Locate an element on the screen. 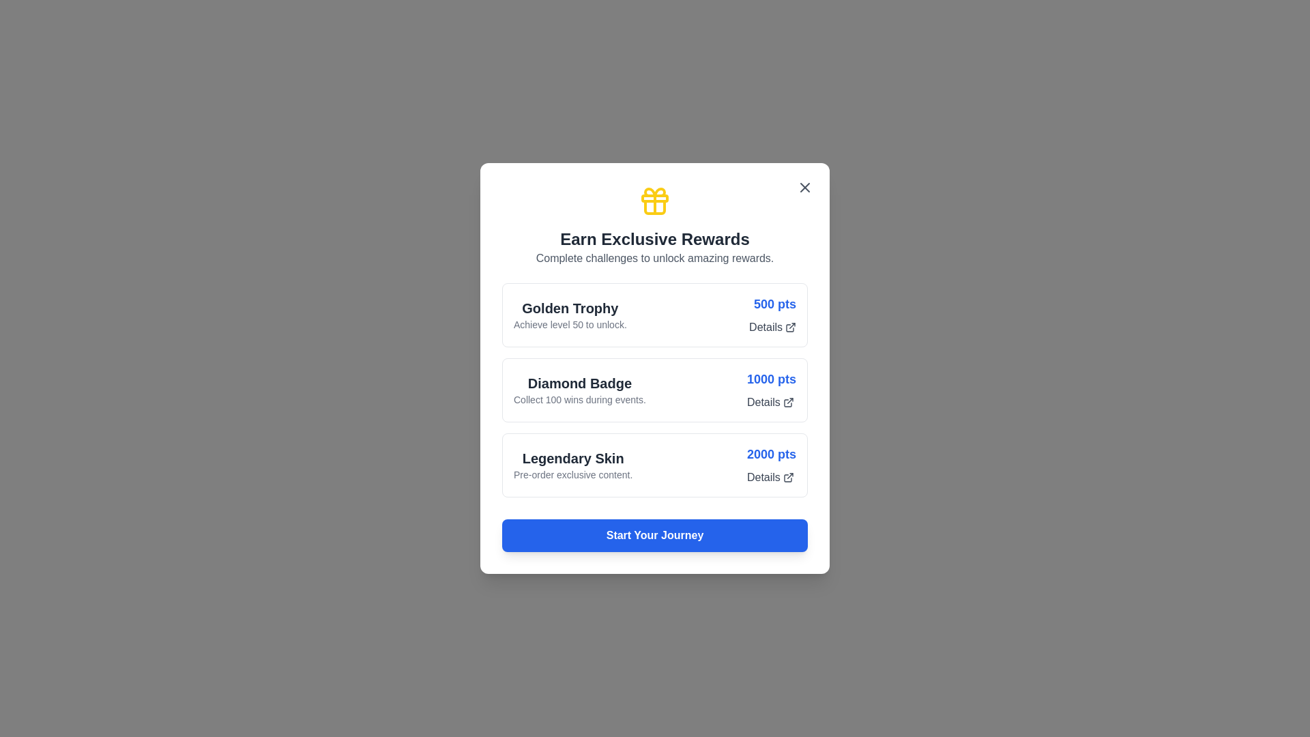  the decorative ribbon element of the gift icon located at the top center of the content card is located at coordinates (655, 198).